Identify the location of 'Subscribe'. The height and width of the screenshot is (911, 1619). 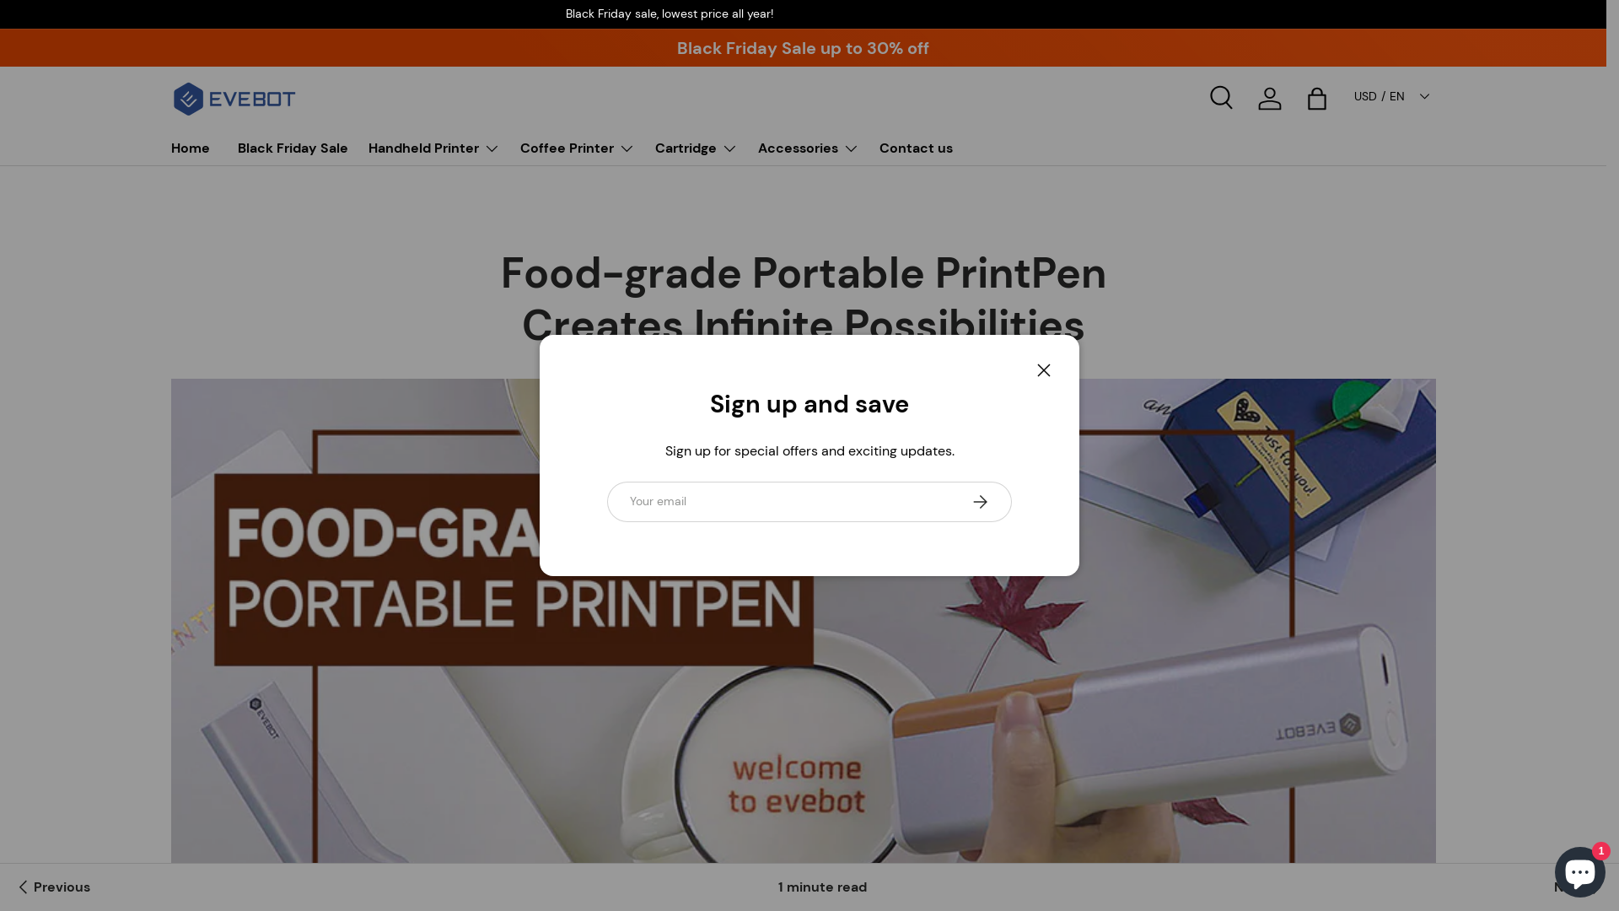
(979, 500).